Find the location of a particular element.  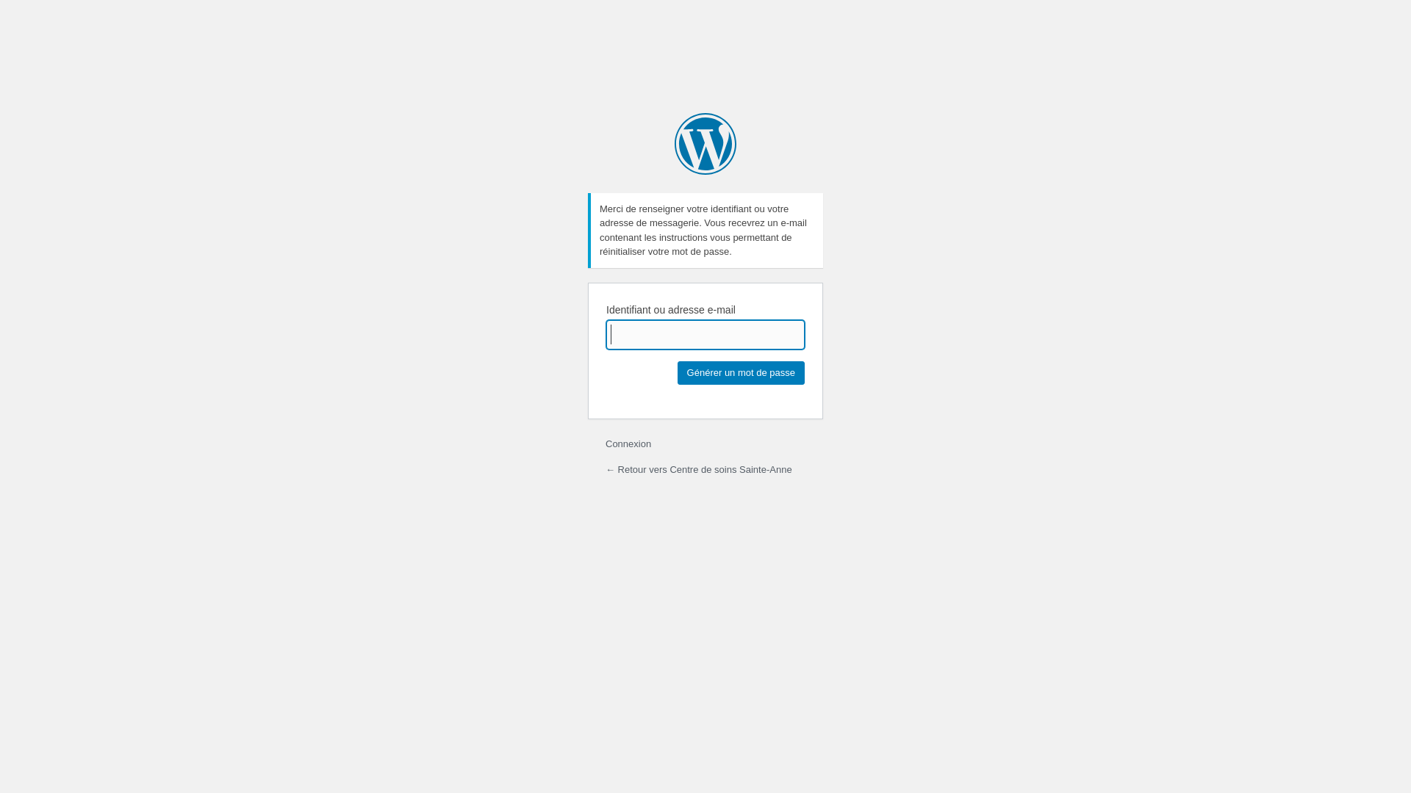

'Connexion' is located at coordinates (628, 443).